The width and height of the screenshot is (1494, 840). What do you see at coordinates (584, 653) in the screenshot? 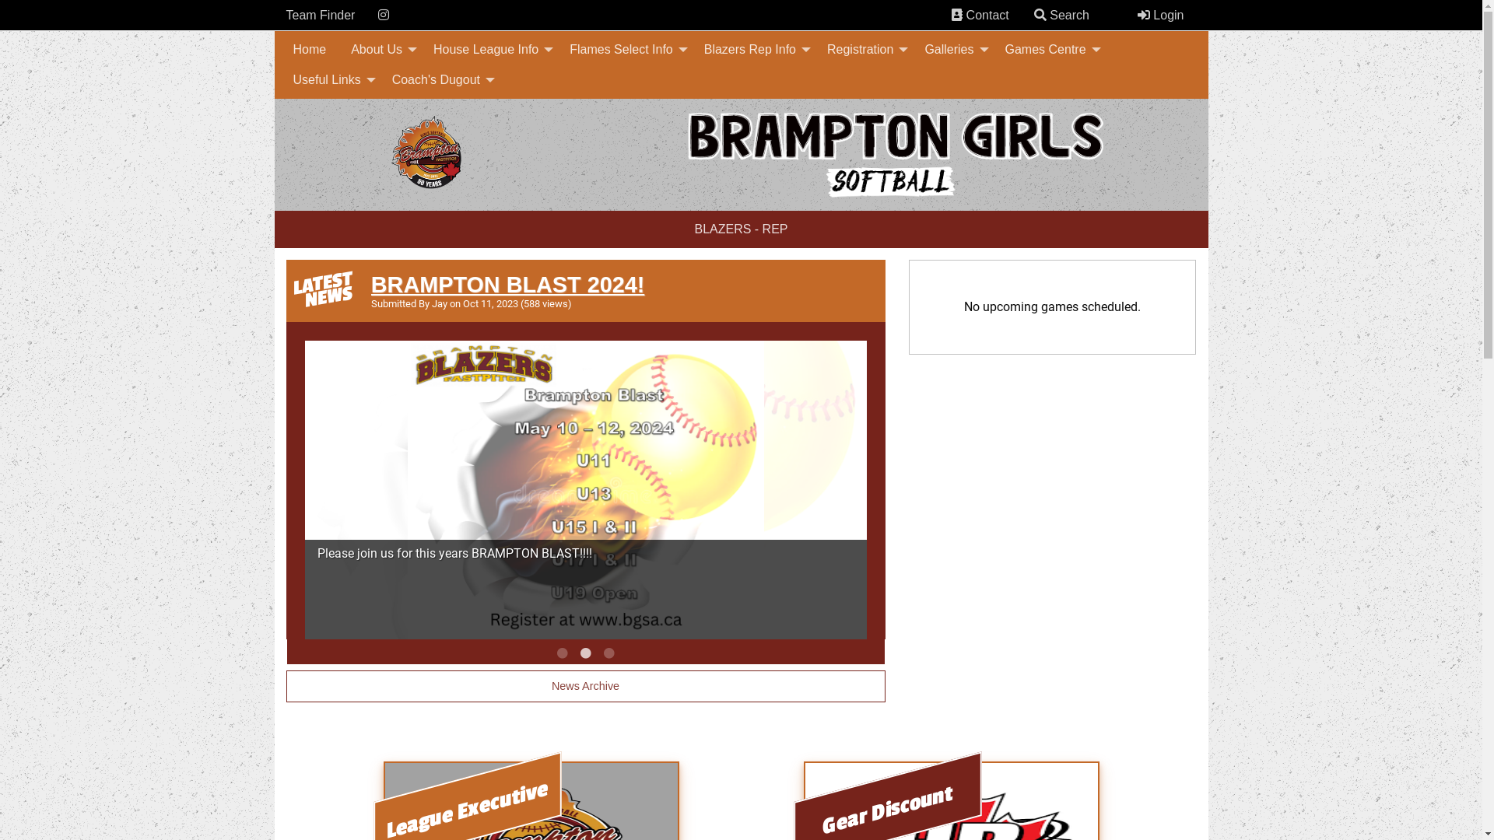
I see `'2'` at bounding box center [584, 653].